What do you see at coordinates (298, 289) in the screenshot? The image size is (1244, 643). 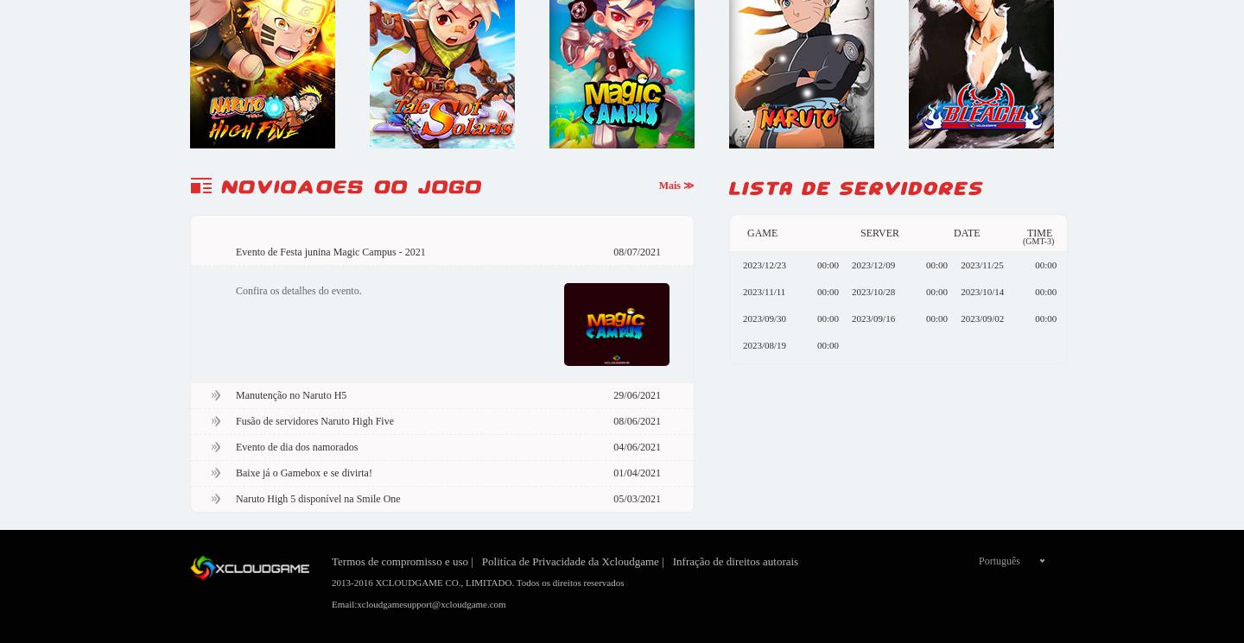 I see `'Confira os detalhes do evento.'` at bounding box center [298, 289].